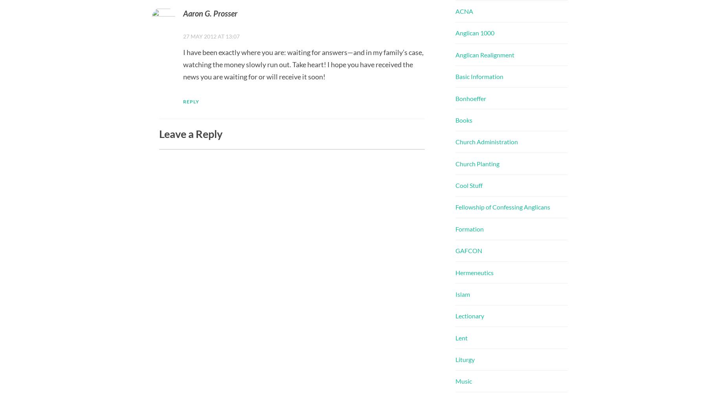 This screenshot has height=397, width=727. Describe the element at coordinates (474, 32) in the screenshot. I see `'Anglican 1000'` at that location.